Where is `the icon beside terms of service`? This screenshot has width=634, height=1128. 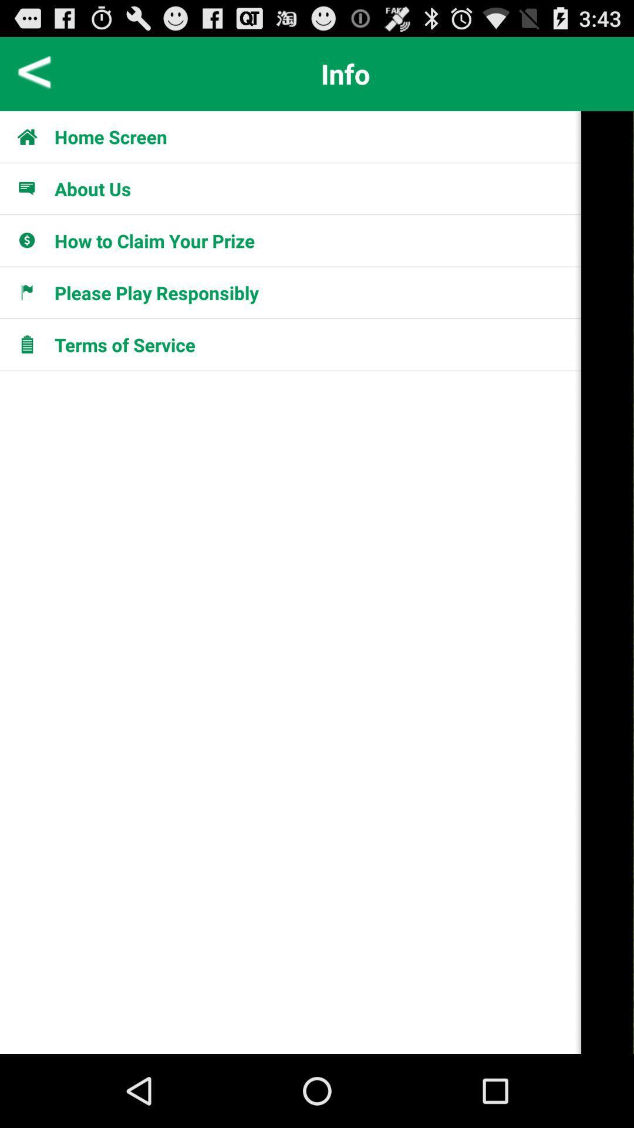 the icon beside terms of service is located at coordinates (33, 344).